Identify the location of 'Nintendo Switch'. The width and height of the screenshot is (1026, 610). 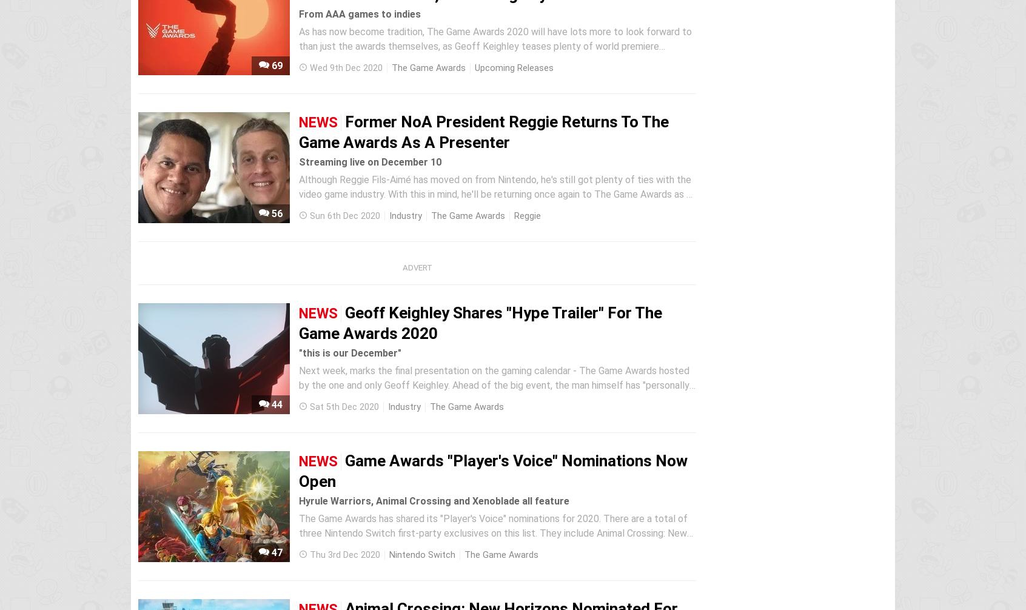
(422, 554).